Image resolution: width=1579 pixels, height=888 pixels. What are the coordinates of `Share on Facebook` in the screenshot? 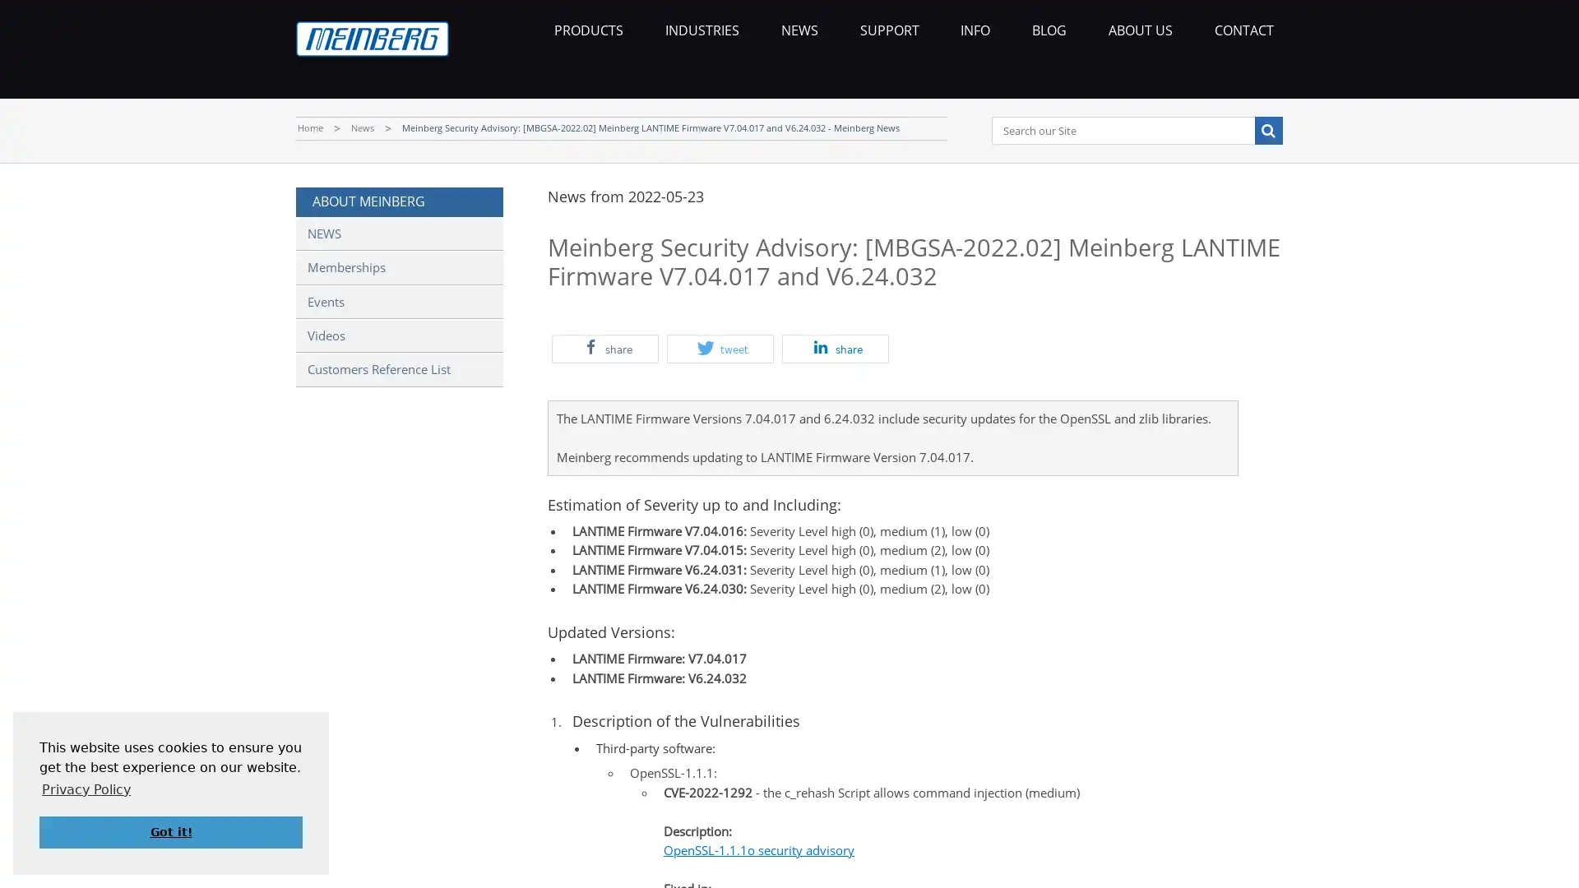 It's located at (604, 348).